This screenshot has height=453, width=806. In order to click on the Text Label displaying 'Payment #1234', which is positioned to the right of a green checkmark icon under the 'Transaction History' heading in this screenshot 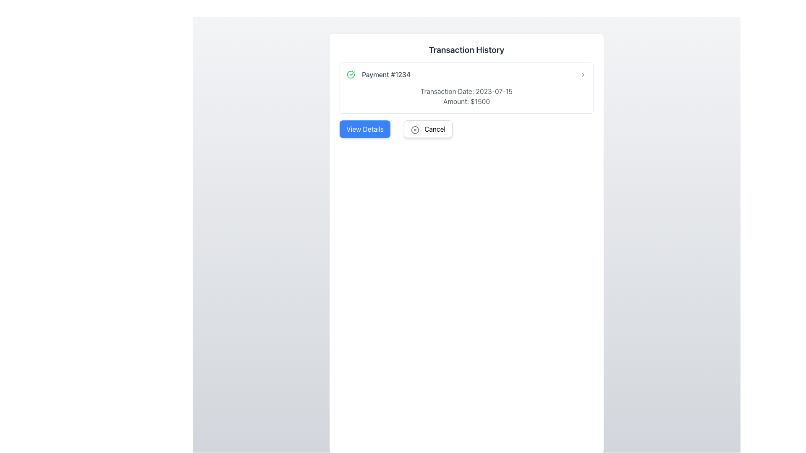, I will do `click(386, 74)`.